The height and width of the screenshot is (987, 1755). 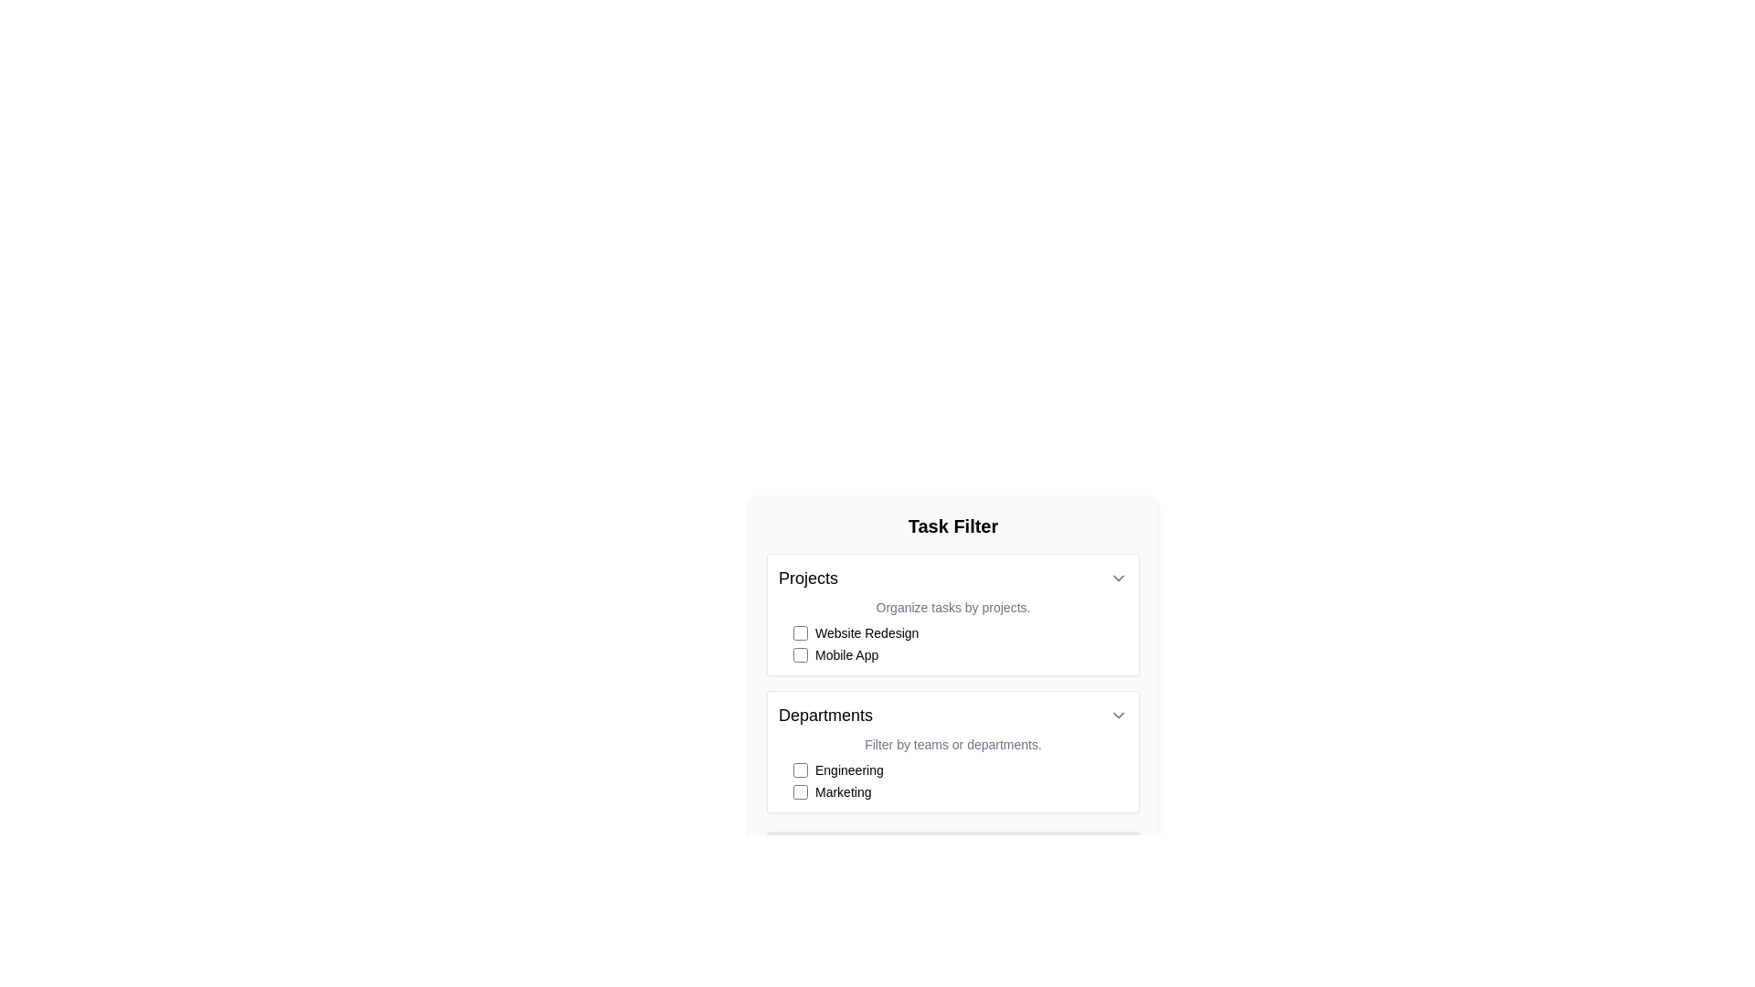 What do you see at coordinates (866, 632) in the screenshot?
I see `the text label that reads 'Website Redesign', which is styled in a small, clean font and is located directly to the right of a checkbox in the 'Projects' section` at bounding box center [866, 632].